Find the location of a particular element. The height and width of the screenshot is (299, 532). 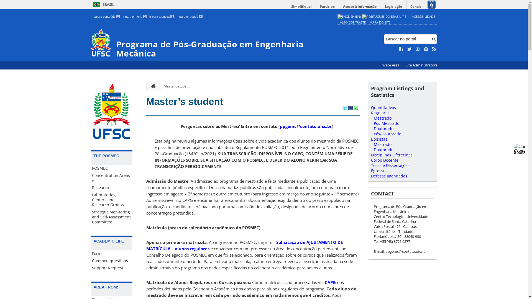

'BRASIL' is located at coordinates (103, 4).